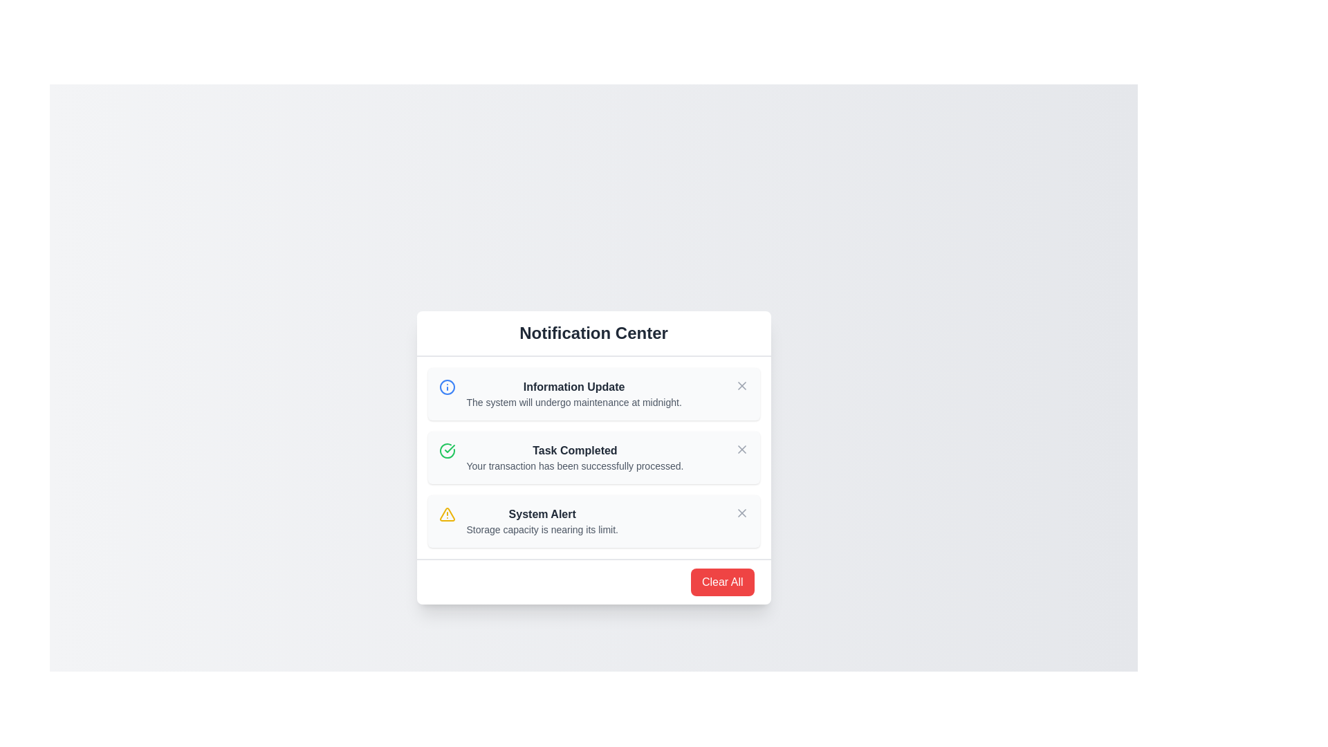 The width and height of the screenshot is (1328, 747). I want to click on the circular gray button with a central cross symbol located at the far right of the notification panel, so click(741, 386).